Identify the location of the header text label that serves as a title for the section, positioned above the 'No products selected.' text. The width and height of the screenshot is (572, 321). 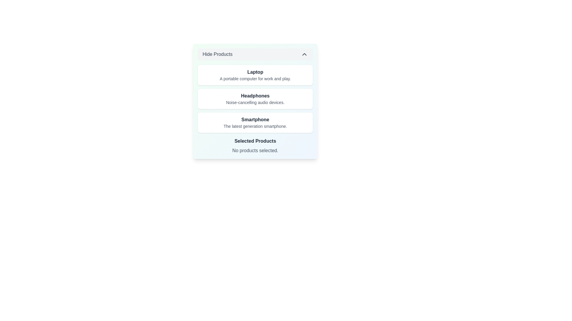
(255, 141).